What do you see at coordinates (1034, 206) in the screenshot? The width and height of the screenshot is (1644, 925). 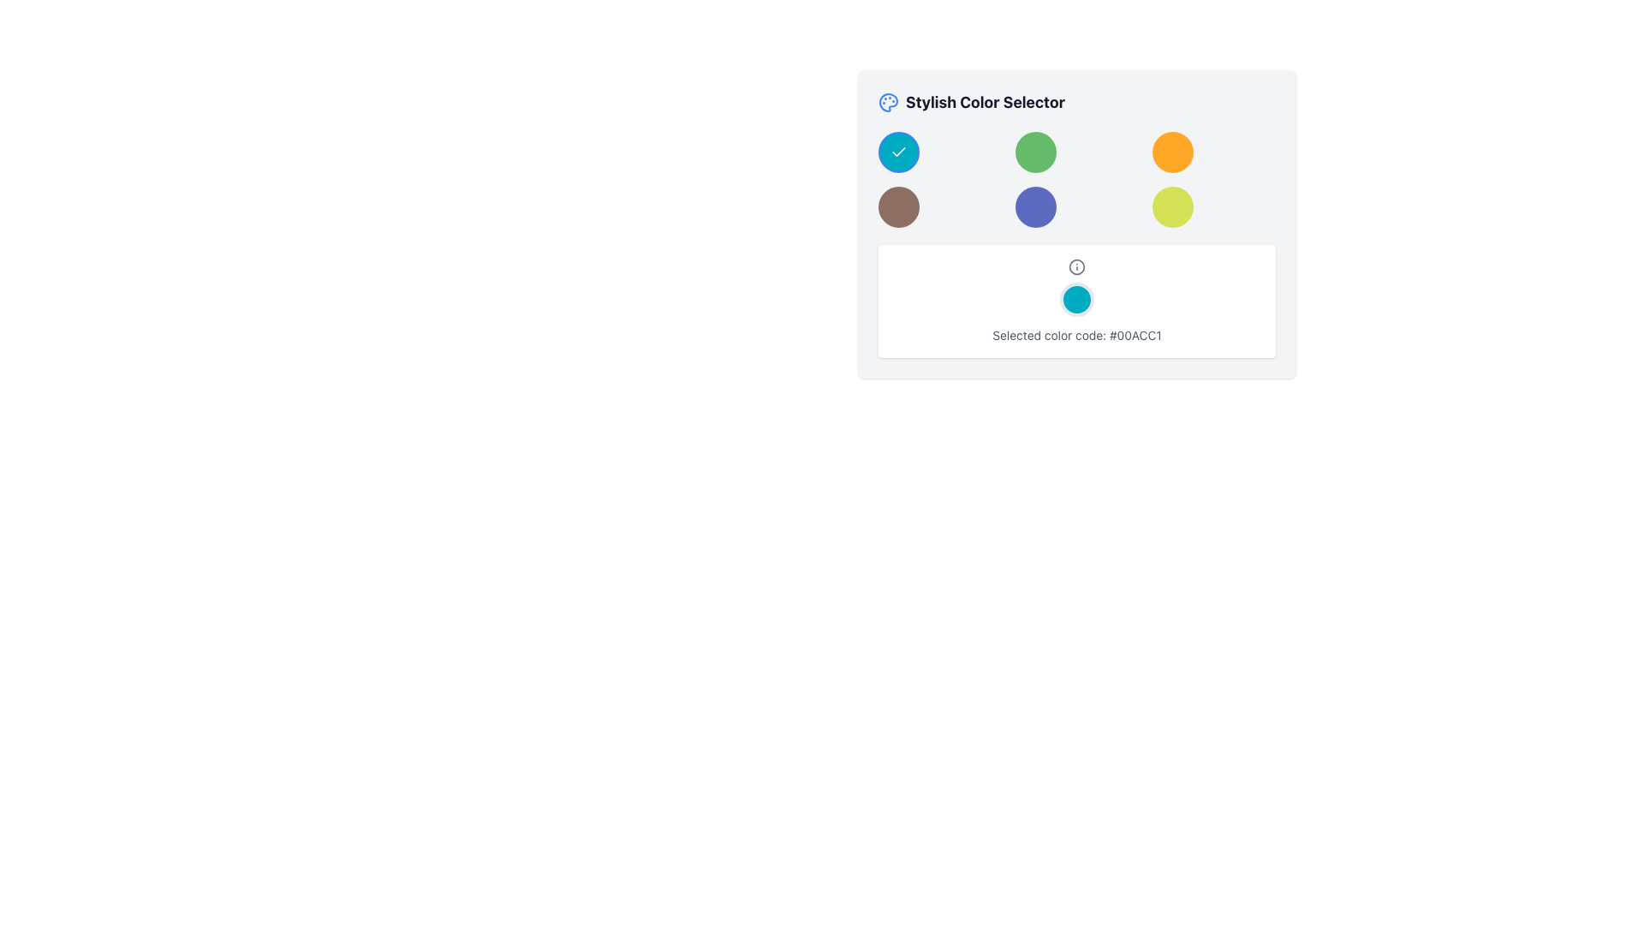 I see `the color selection button located in the bottom row of a 3x3 grid layout, specifically in the second column from the left, which is adjacent to a brown button on the left and a yellow button on the right` at bounding box center [1034, 206].